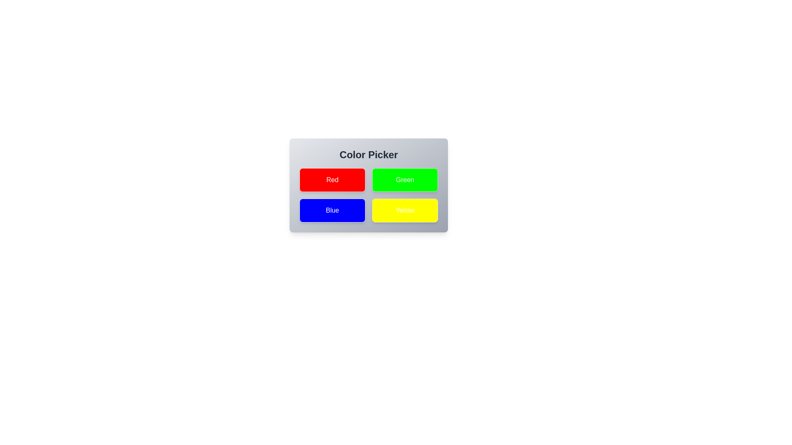 This screenshot has width=792, height=445. I want to click on the button corresponding to the color Blue, so click(332, 210).